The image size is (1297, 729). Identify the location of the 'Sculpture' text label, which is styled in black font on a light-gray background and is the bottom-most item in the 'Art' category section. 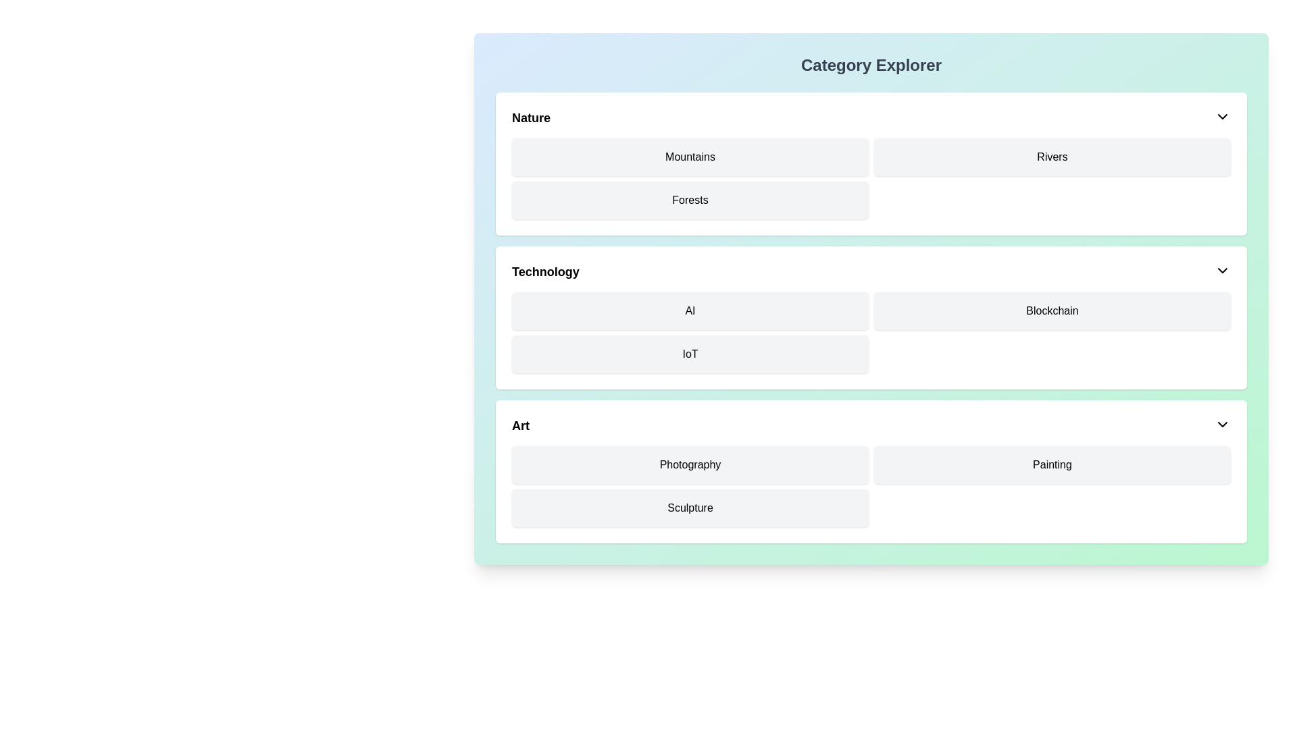
(690, 508).